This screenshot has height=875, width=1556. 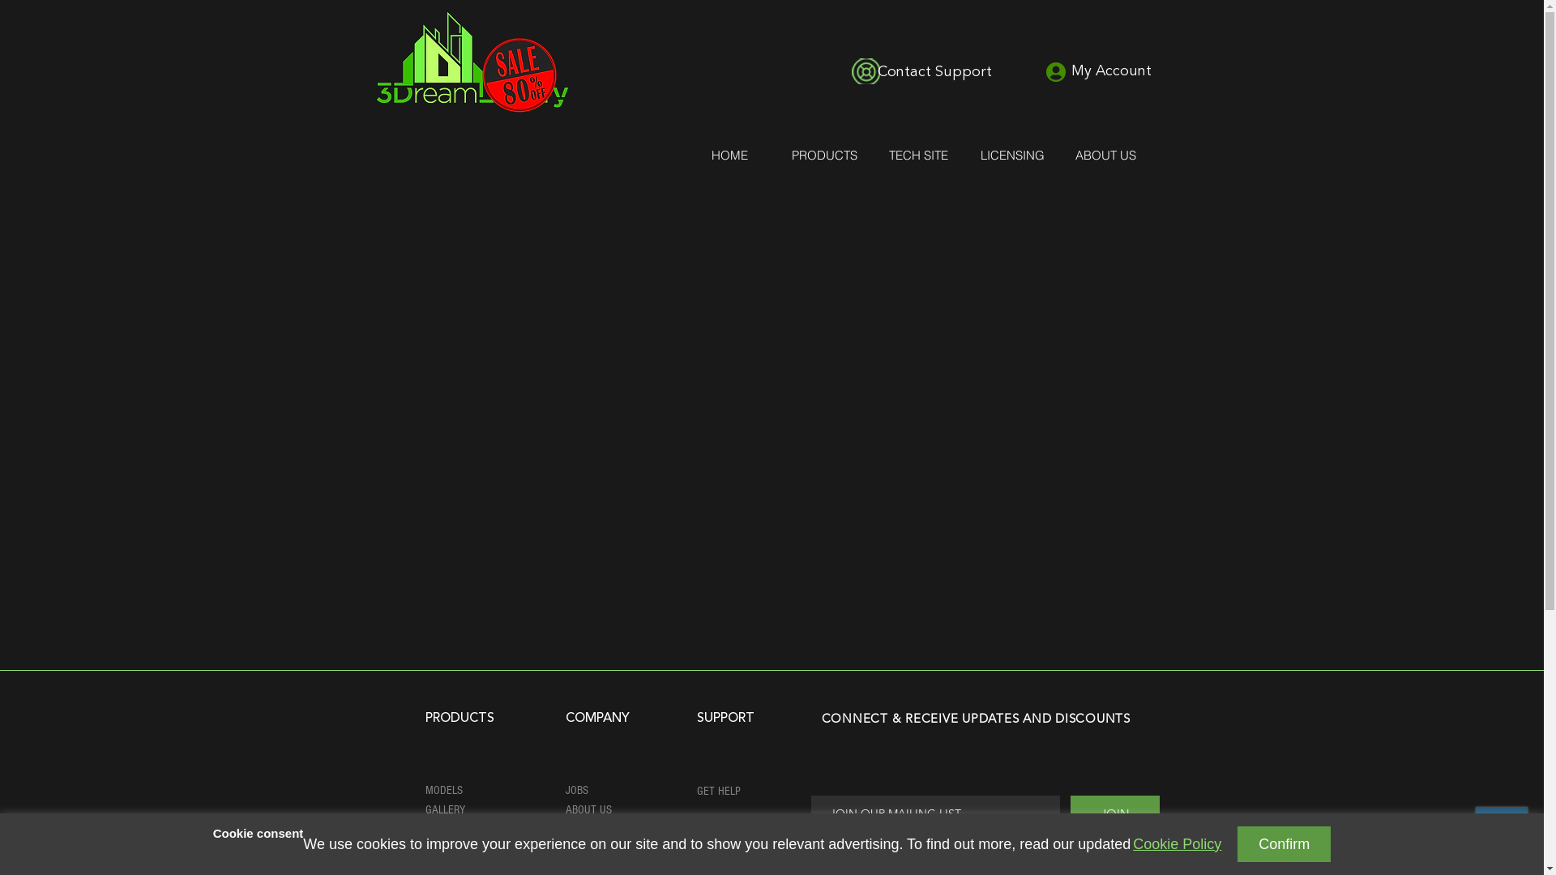 What do you see at coordinates (917, 155) in the screenshot?
I see `'TECH SITE'` at bounding box center [917, 155].